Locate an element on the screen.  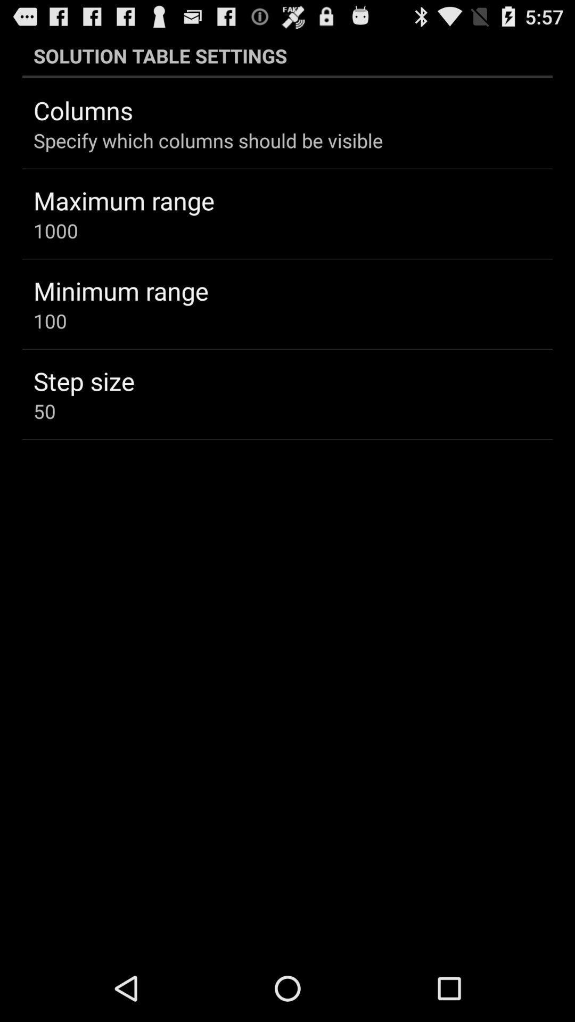
the icon above the 50 is located at coordinates (83, 381).